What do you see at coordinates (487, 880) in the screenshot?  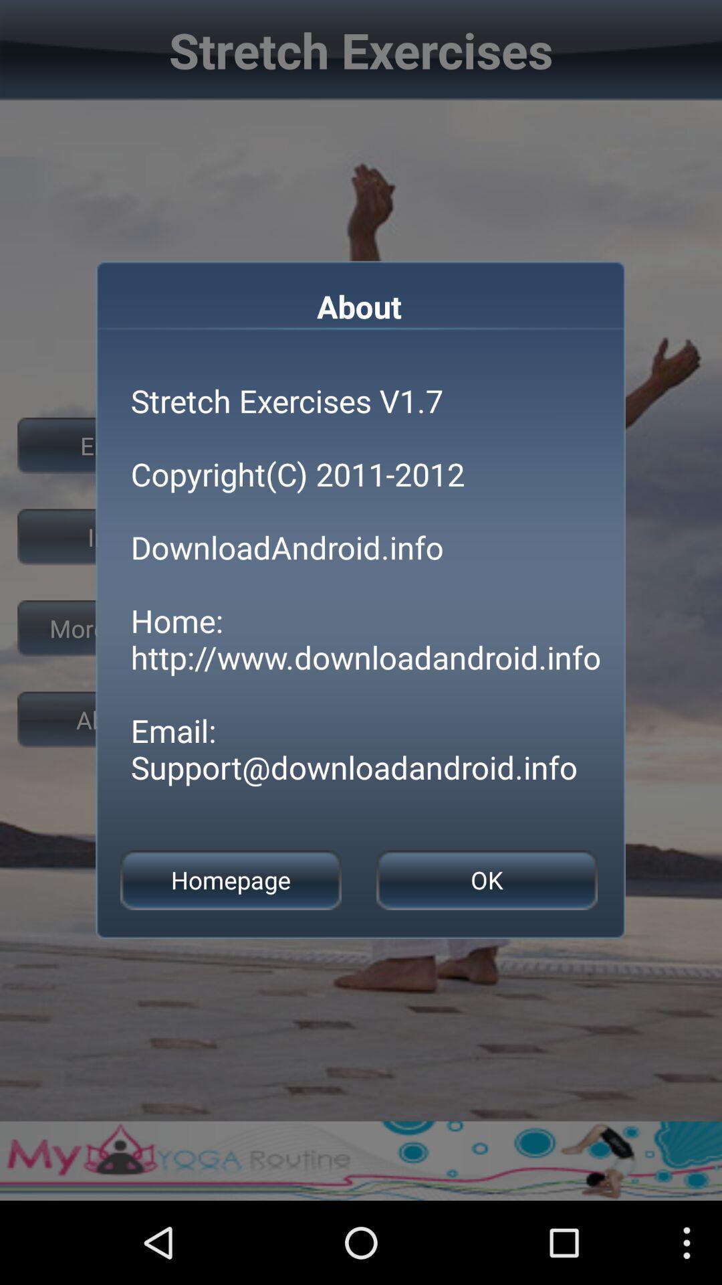 I see `button to the right of the homepage item` at bounding box center [487, 880].